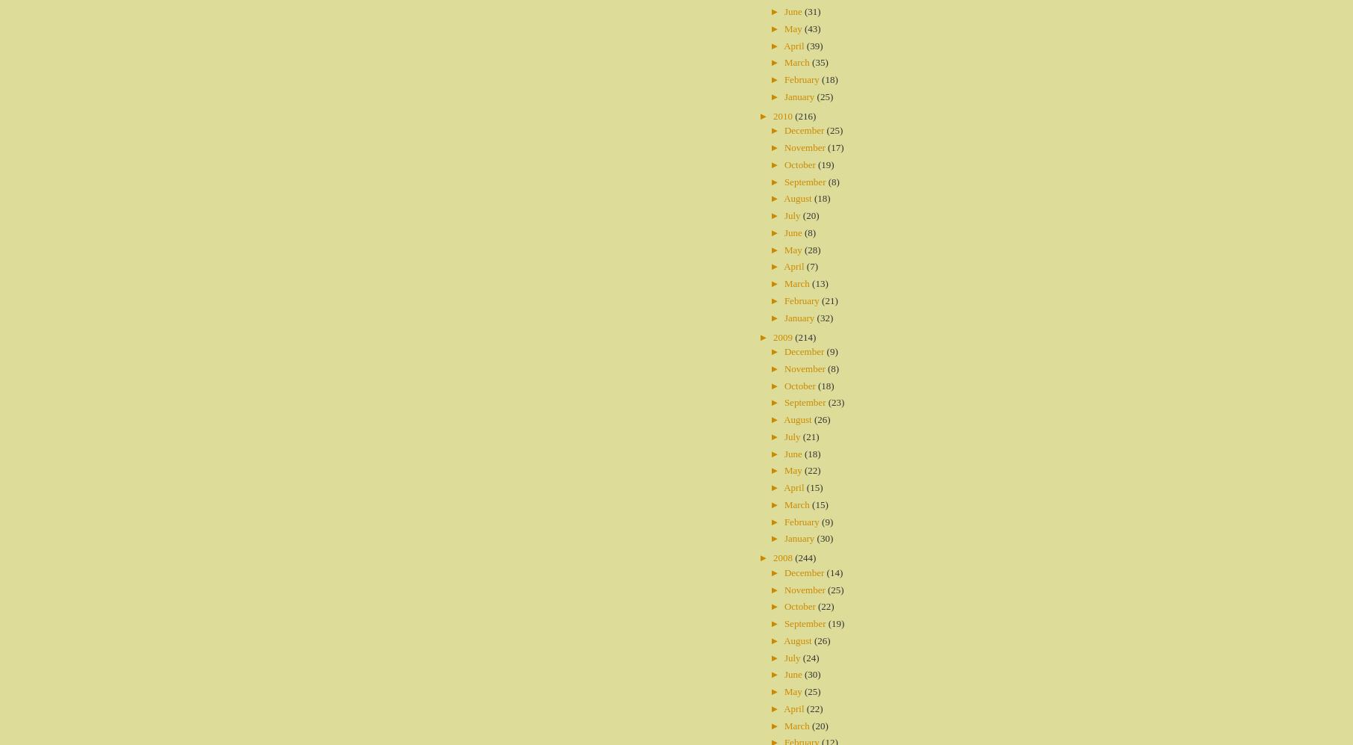 The image size is (1353, 745). Describe the element at coordinates (811, 28) in the screenshot. I see `'(43)'` at that location.